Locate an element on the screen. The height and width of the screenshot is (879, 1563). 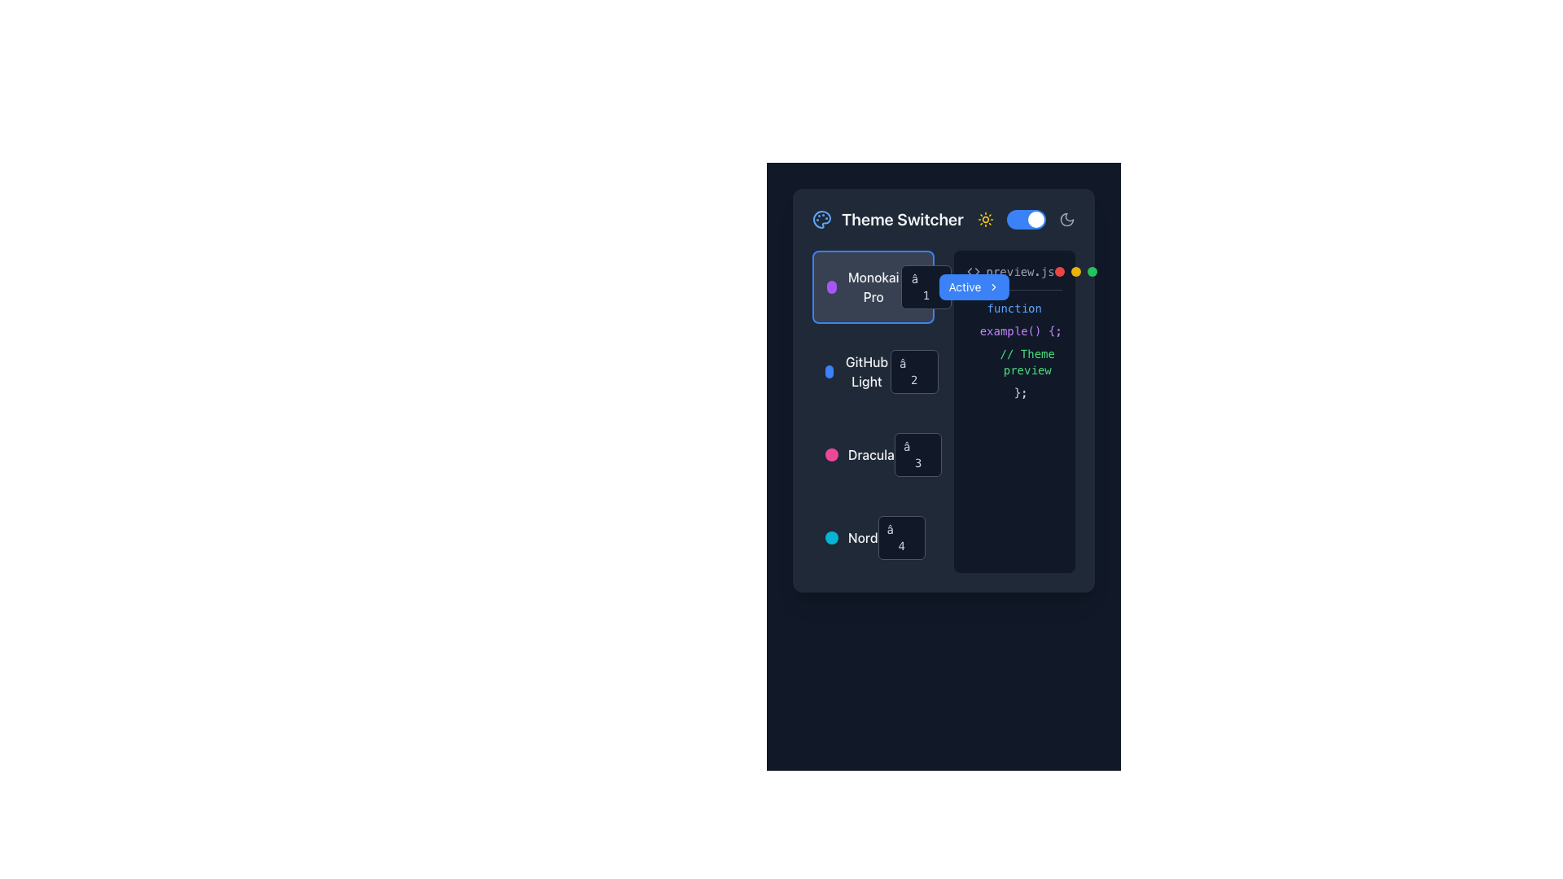
the circular white toggle on the right side of the horizontal toggle switch is located at coordinates (1026, 220).